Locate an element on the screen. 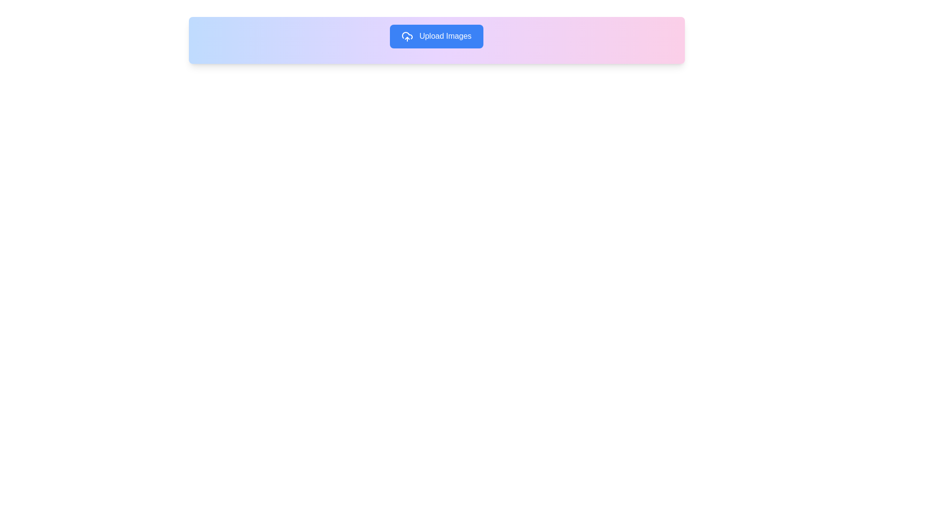 The width and height of the screenshot is (930, 523). the blue button with rounded corners labeled 'Upload Images' is located at coordinates (436, 36).